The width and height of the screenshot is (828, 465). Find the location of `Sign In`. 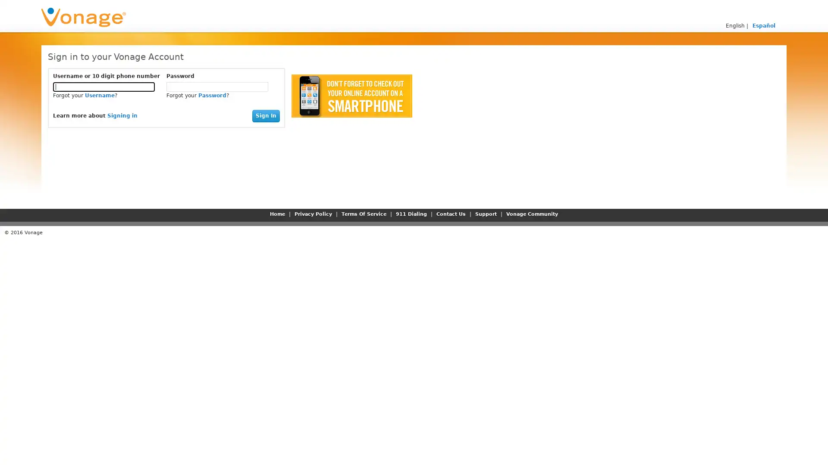

Sign In is located at coordinates (266, 115).